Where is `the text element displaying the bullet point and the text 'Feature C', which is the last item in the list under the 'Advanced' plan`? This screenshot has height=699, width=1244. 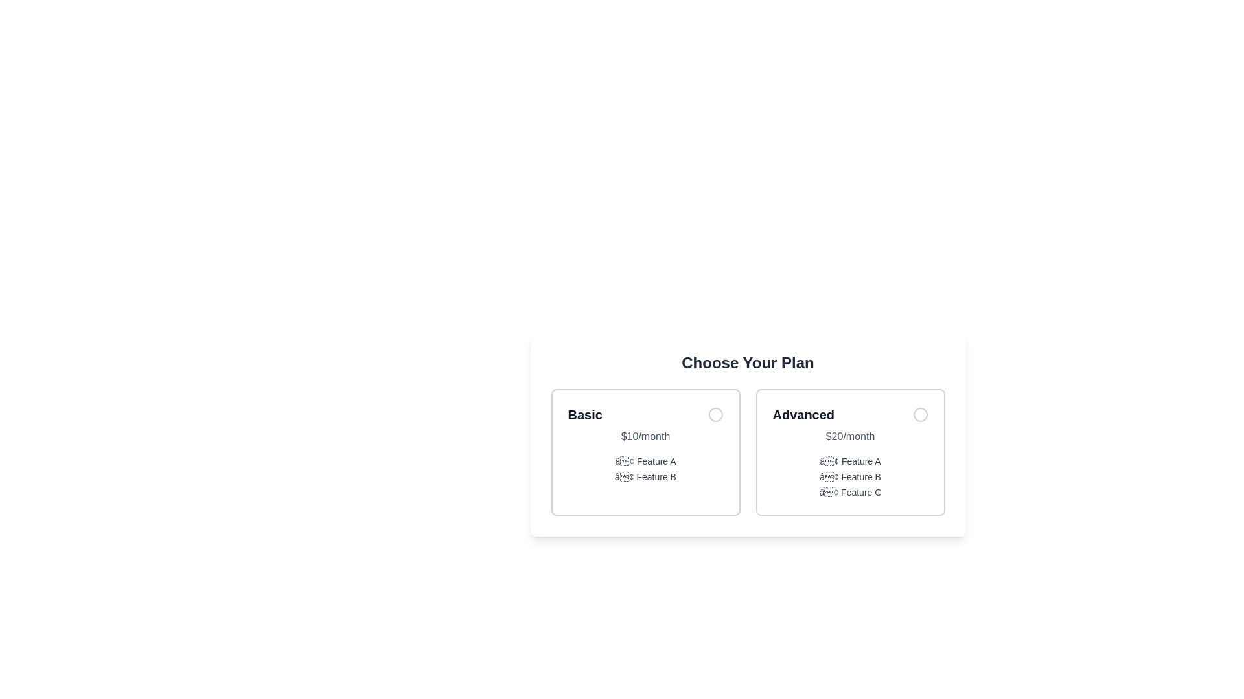
the text element displaying the bullet point and the text 'Feature C', which is the last item in the list under the 'Advanced' plan is located at coordinates (850, 492).